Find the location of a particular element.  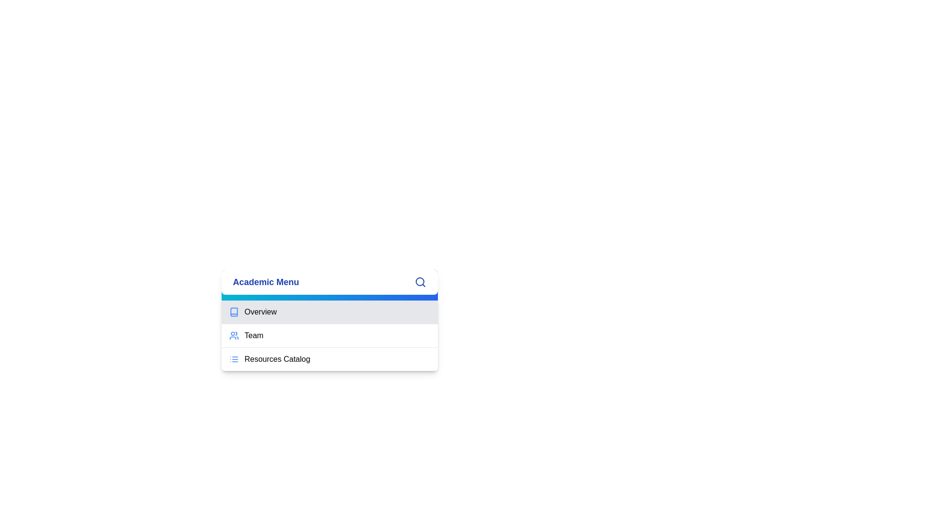

the 'Overview' icon located at the top of the menu, which visually indicates the overview option and is positioned to the left of the text 'Overview' is located at coordinates (234, 312).